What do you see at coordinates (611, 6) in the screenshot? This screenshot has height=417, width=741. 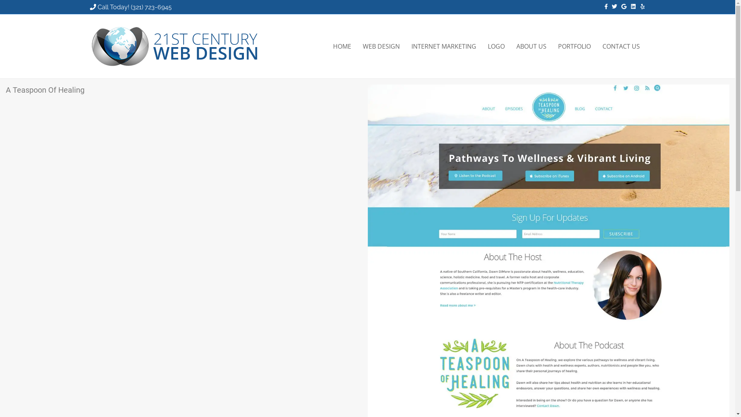 I see `'Twitter'` at bounding box center [611, 6].